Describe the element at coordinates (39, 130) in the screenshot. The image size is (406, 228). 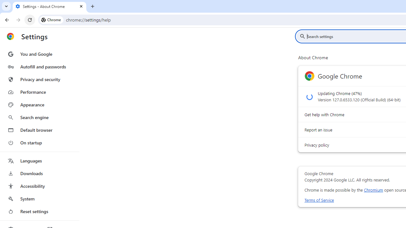
I see `'Default browser'` at that location.